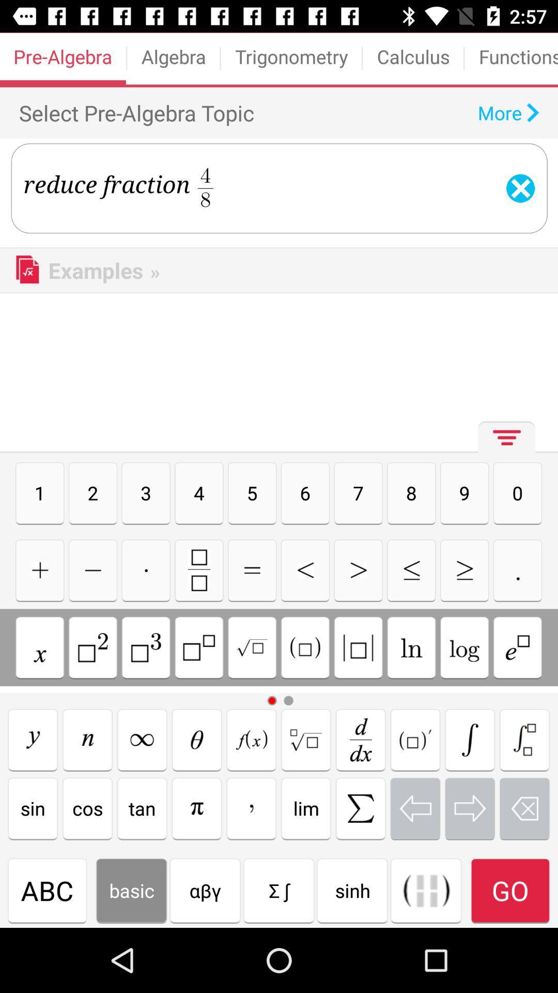 This screenshot has height=993, width=558. Describe the element at coordinates (426, 890) in the screenshot. I see `insert parenthesis` at that location.